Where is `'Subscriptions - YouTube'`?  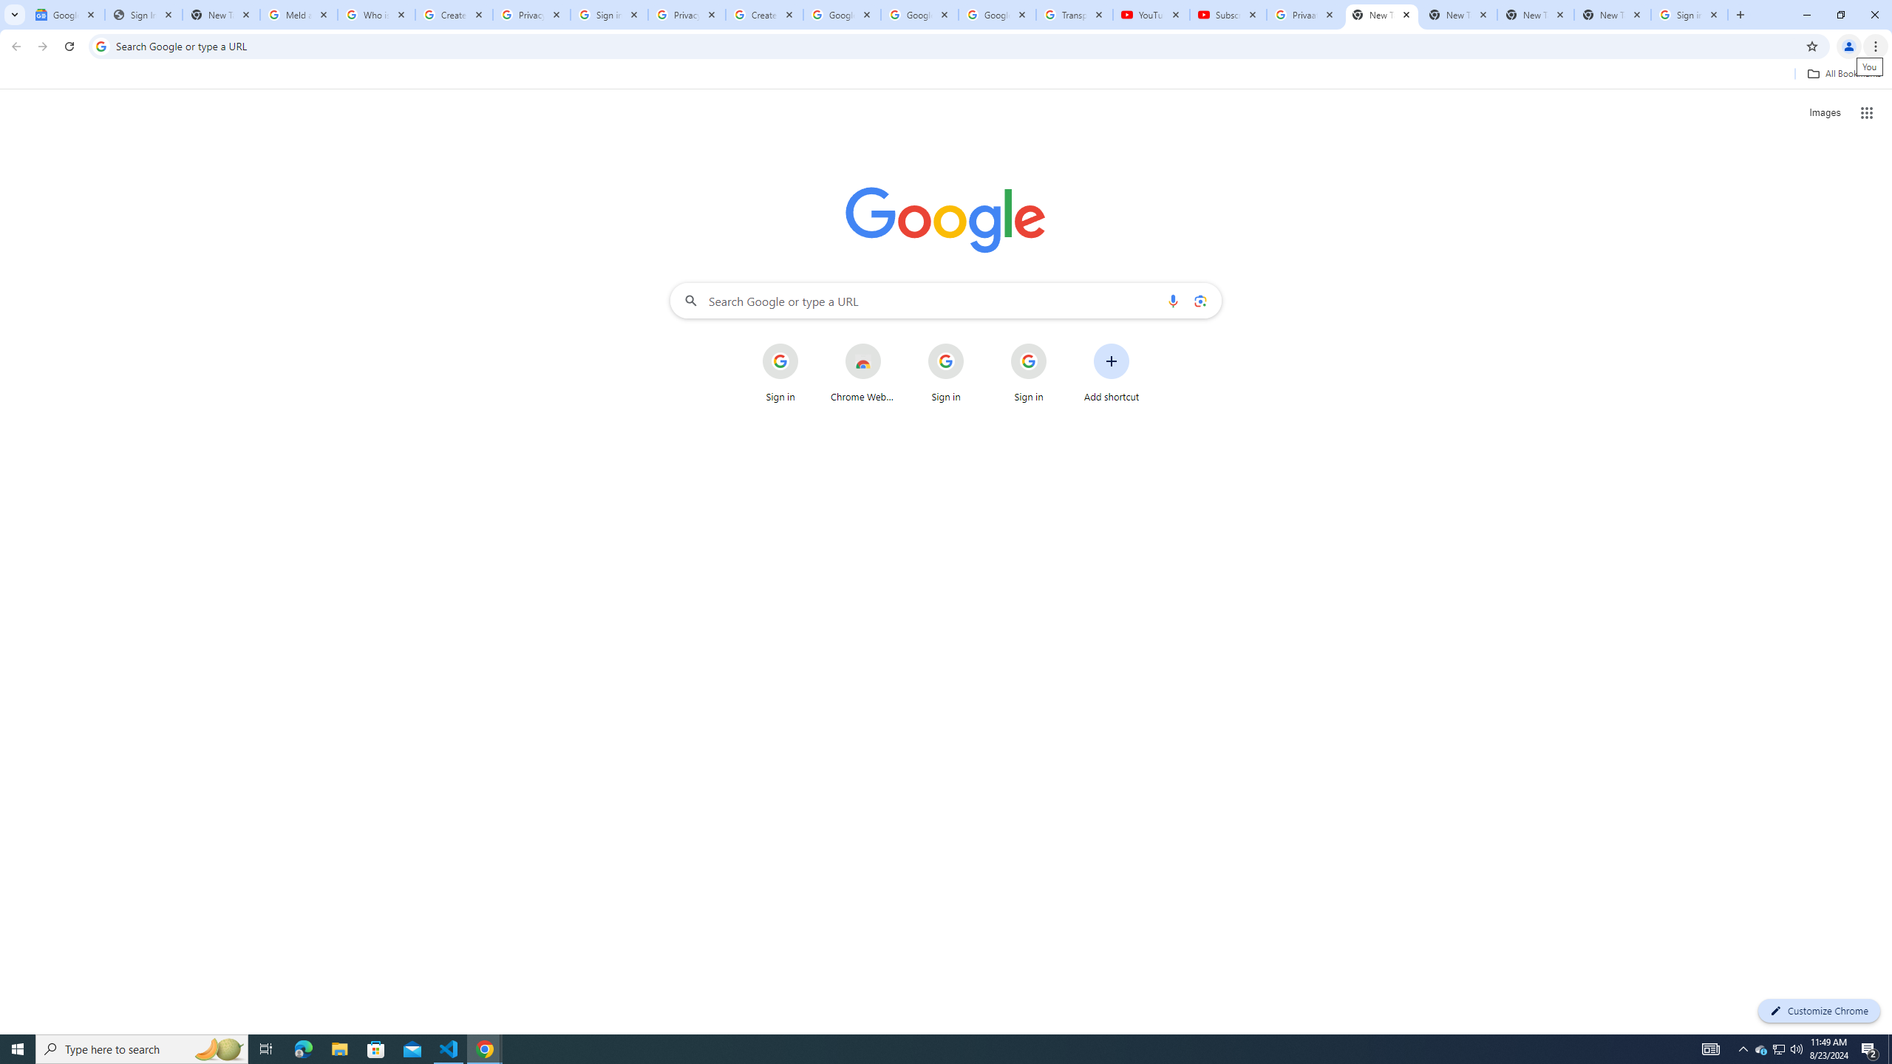
'Subscriptions - YouTube' is located at coordinates (1227, 14).